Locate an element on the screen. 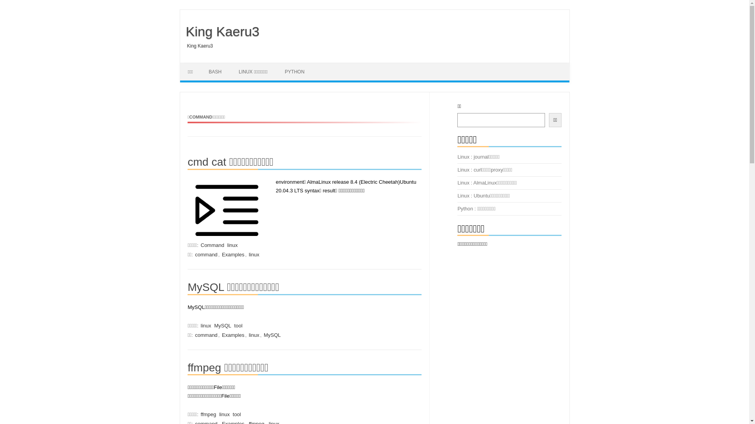 The image size is (755, 424). 'Command' is located at coordinates (212, 245).